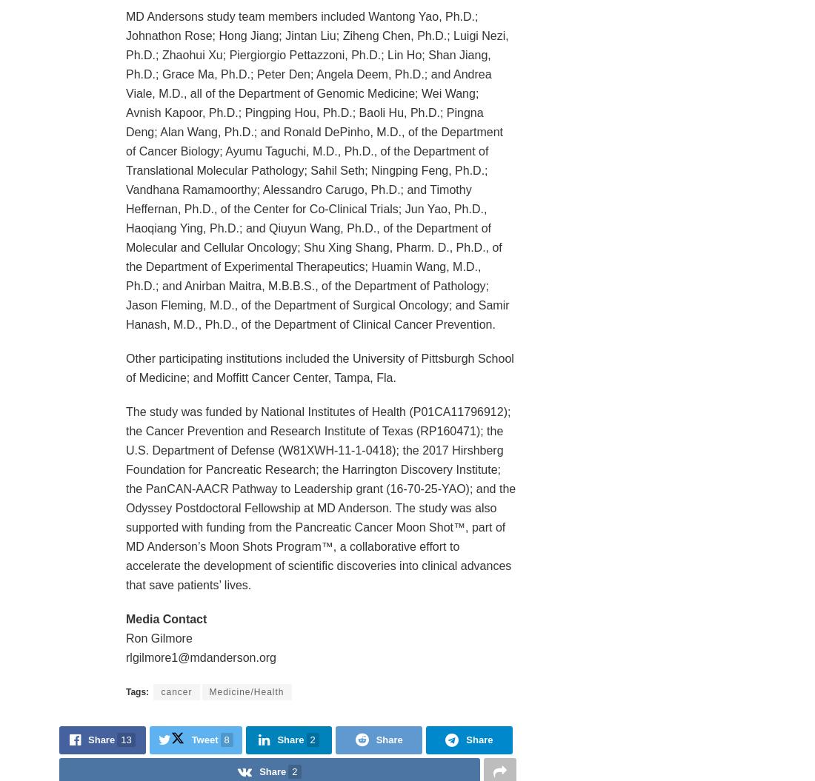  What do you see at coordinates (159, 637) in the screenshot?
I see `'Ron Gilmore'` at bounding box center [159, 637].